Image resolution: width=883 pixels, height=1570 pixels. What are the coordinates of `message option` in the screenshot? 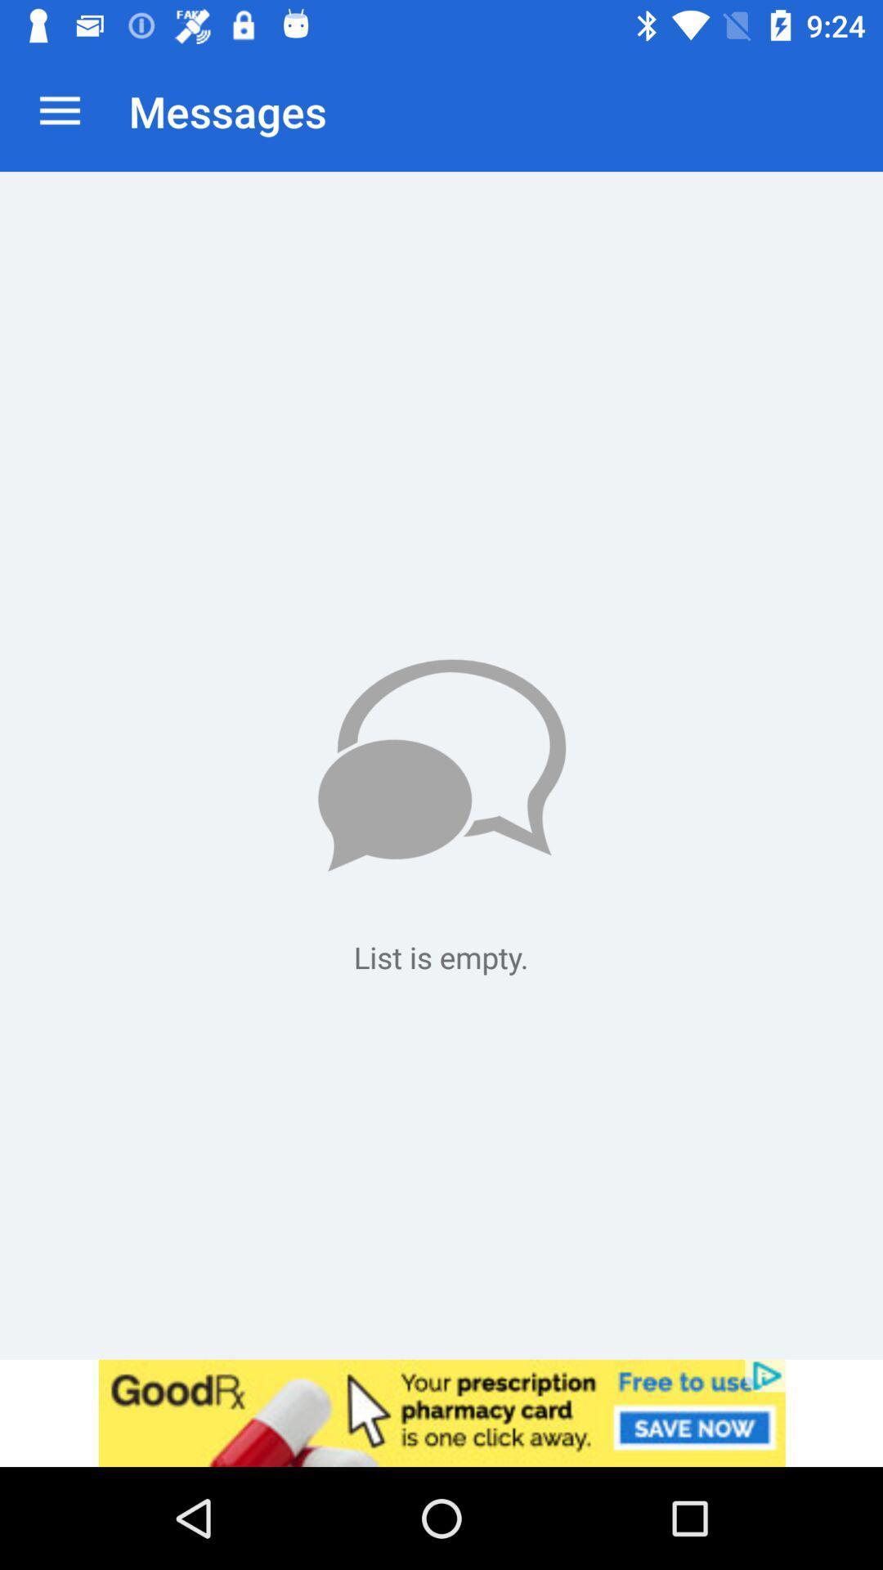 It's located at (441, 765).